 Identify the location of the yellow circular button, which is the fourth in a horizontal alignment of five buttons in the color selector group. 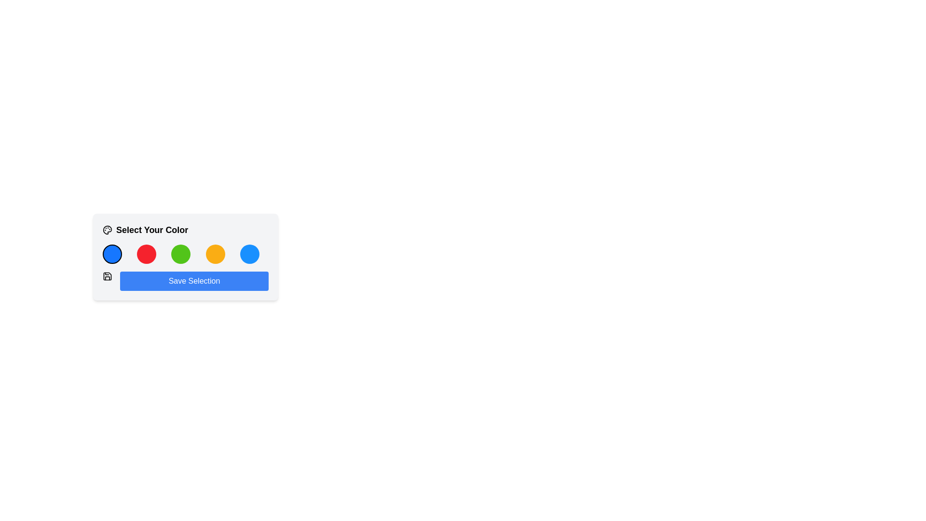
(215, 254).